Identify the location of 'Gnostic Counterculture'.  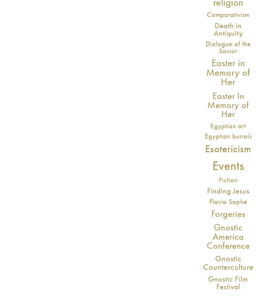
(228, 262).